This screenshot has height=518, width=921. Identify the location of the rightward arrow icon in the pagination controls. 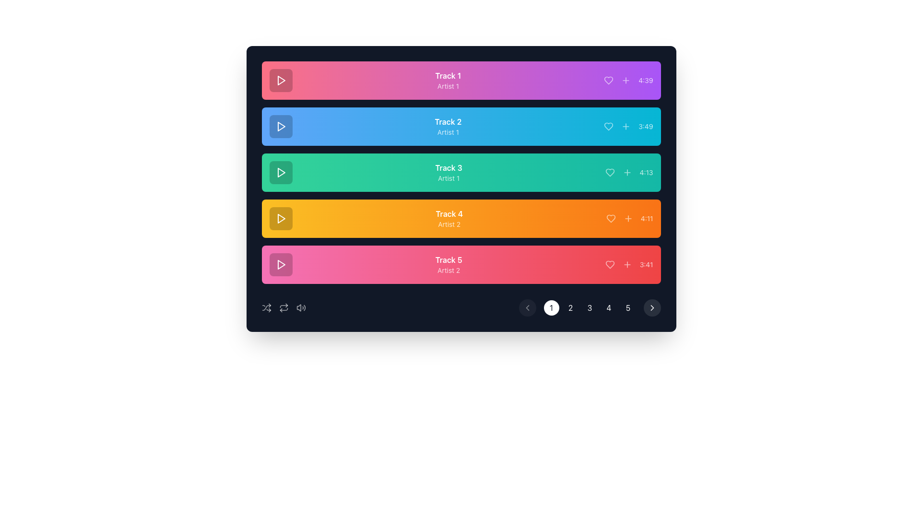
(652, 307).